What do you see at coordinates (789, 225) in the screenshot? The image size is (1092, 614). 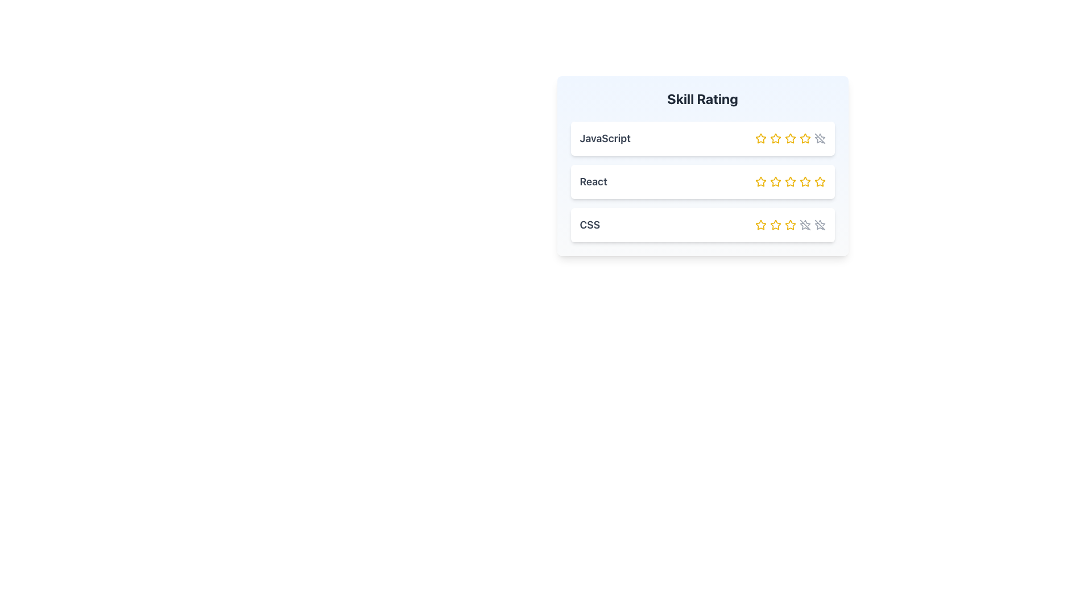 I see `the second star icon in the CSS skill rating, located in the third row of the skill rating table` at bounding box center [789, 225].